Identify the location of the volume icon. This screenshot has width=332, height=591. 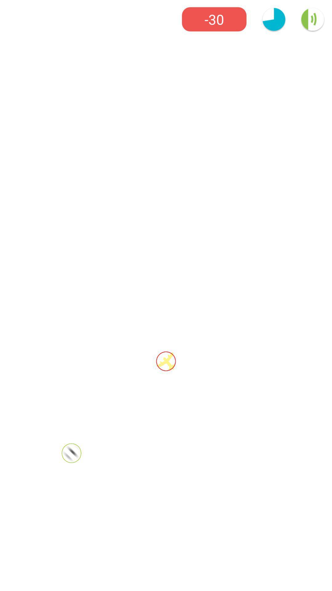
(313, 19).